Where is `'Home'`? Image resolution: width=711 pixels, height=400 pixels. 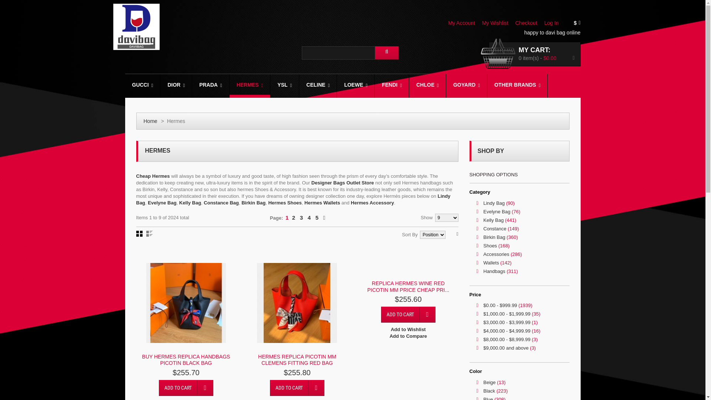 'Home' is located at coordinates (150, 121).